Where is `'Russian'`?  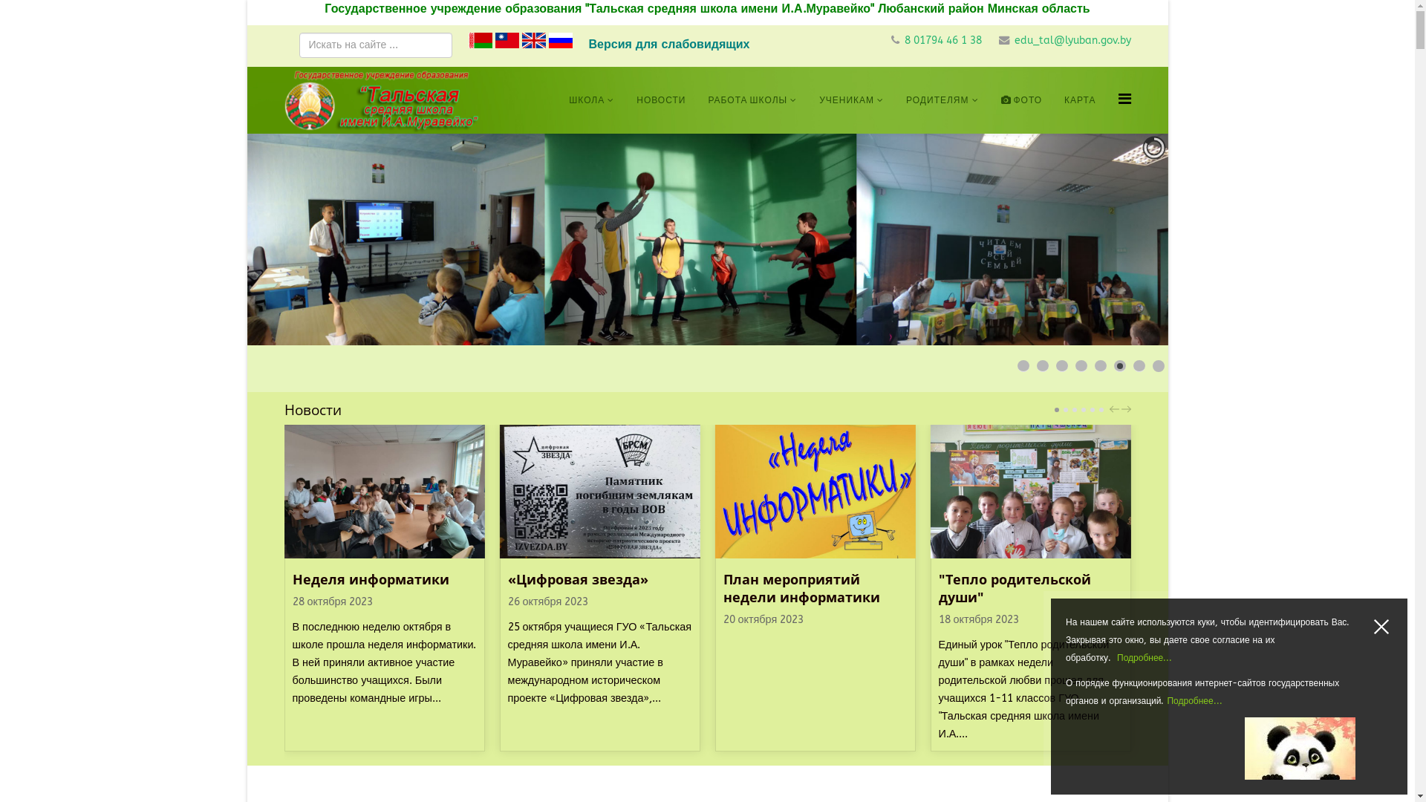 'Russian' is located at coordinates (559, 39).